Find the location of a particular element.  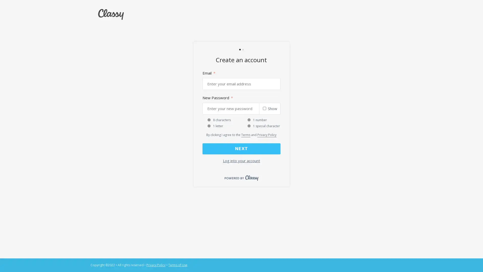

NEXT is located at coordinates (241, 148).